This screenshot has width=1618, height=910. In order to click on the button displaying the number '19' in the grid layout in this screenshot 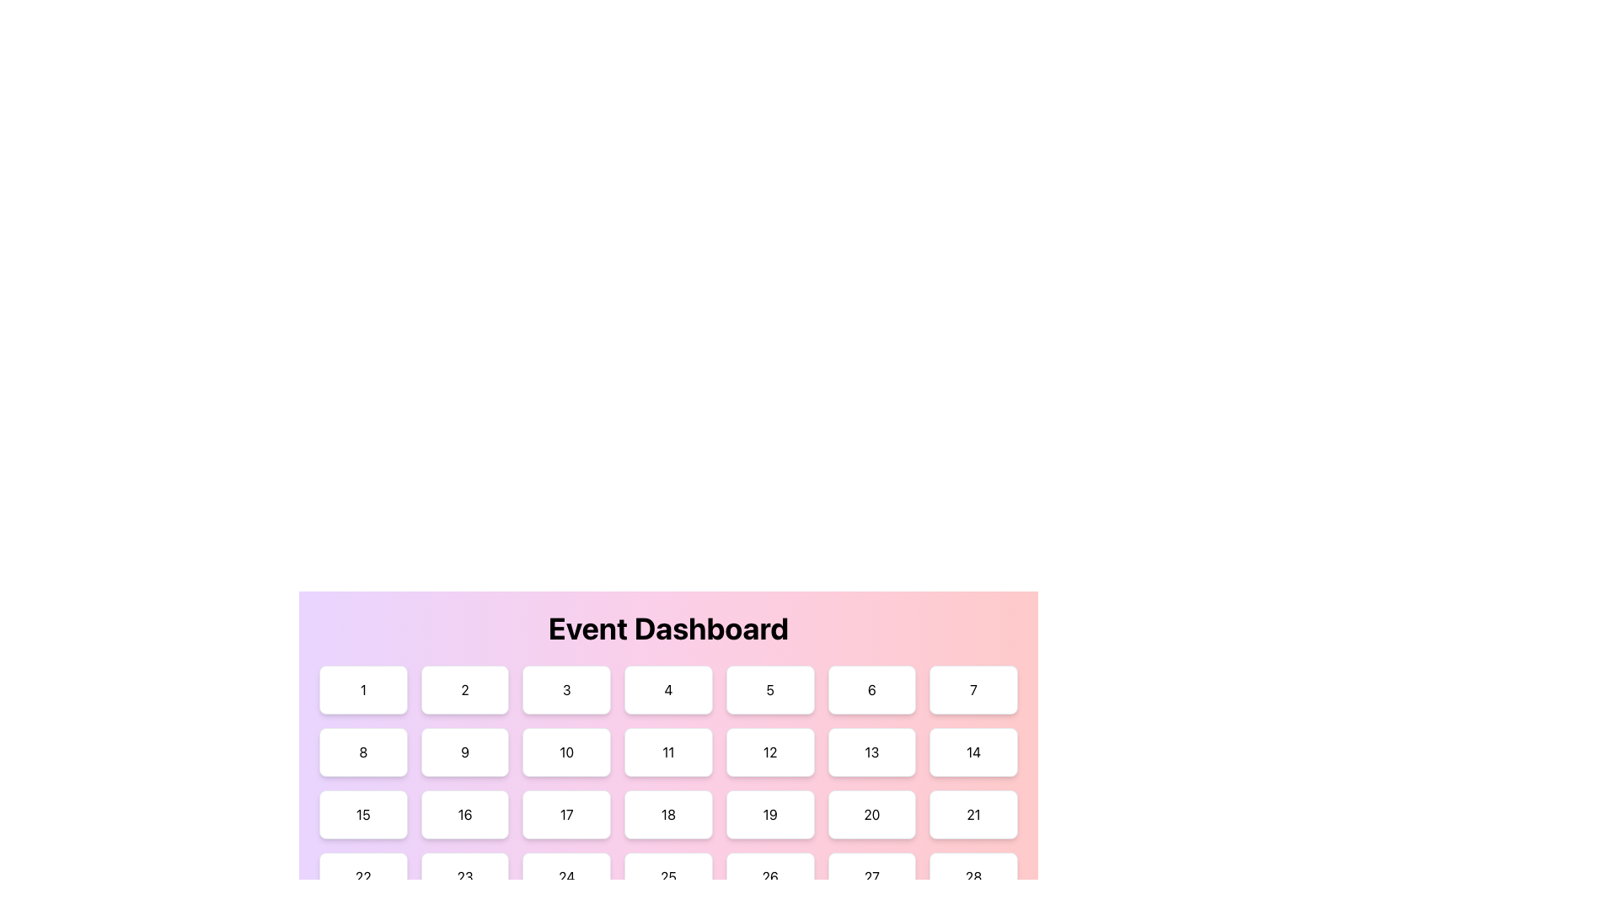, I will do `click(769, 814)`.